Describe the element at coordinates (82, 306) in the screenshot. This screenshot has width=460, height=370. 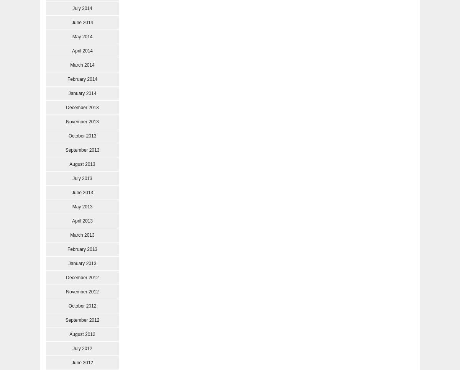
I see `'October 2012'` at that location.